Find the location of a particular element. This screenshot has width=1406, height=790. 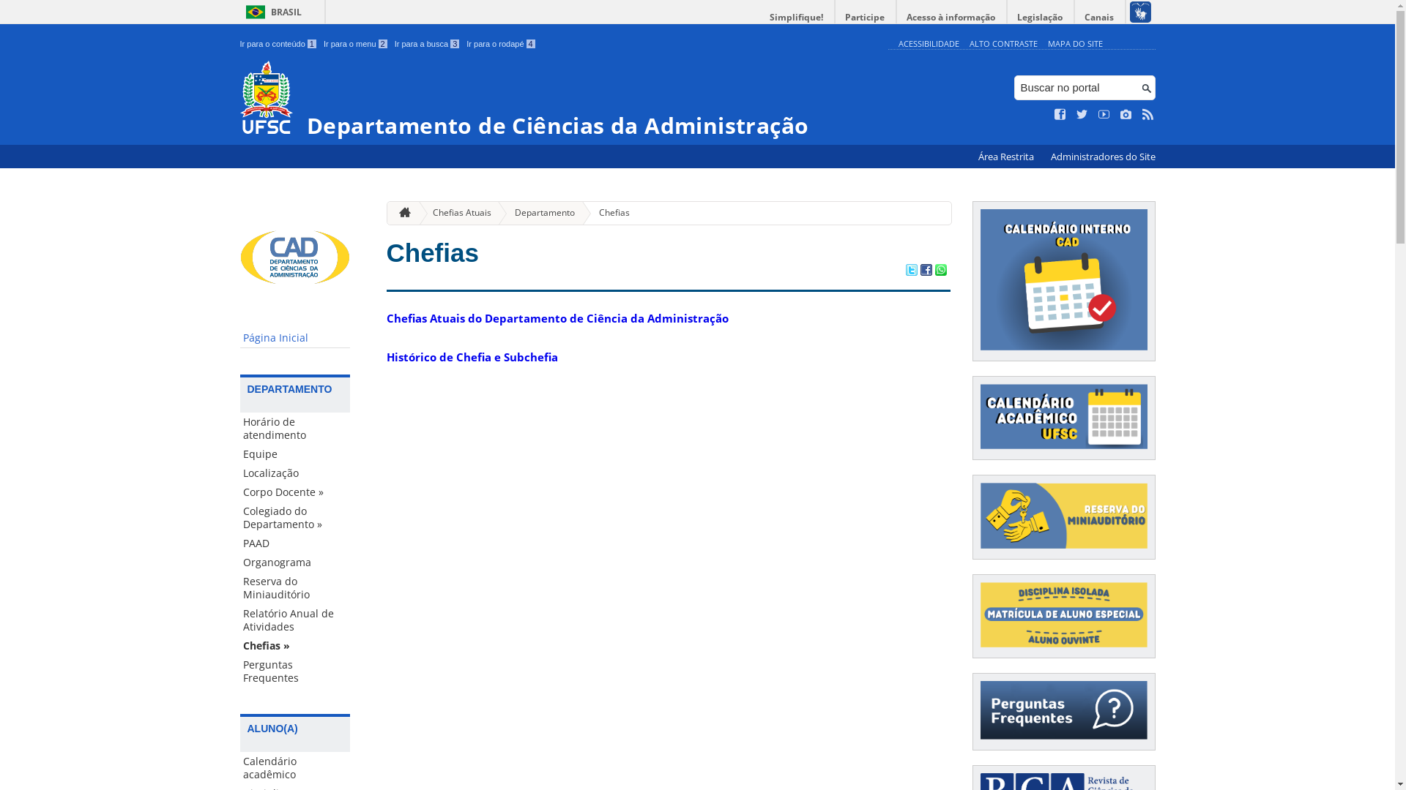

'Departamento' is located at coordinates (538, 213).